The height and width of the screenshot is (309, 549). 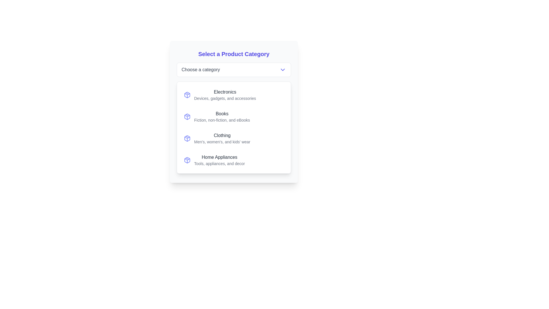 What do you see at coordinates (234, 112) in the screenshot?
I see `the selectable list item labeled 'Books'` at bounding box center [234, 112].